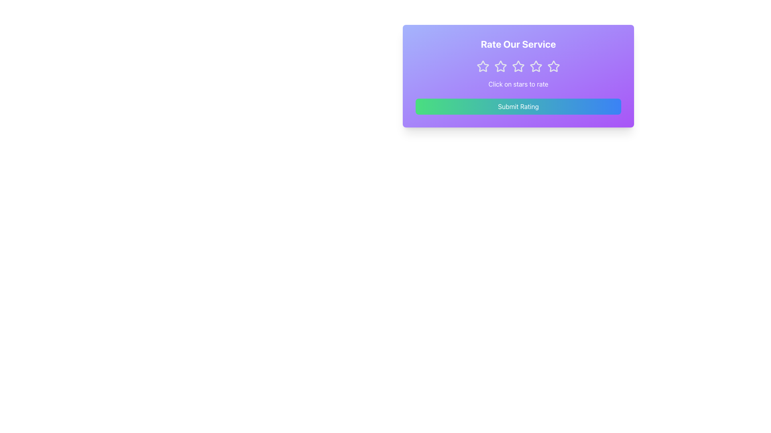  What do you see at coordinates (553, 66) in the screenshot?
I see `the fourth star in the star-shaped interactive UI element for rating, located under 'Rate Our Service'` at bounding box center [553, 66].